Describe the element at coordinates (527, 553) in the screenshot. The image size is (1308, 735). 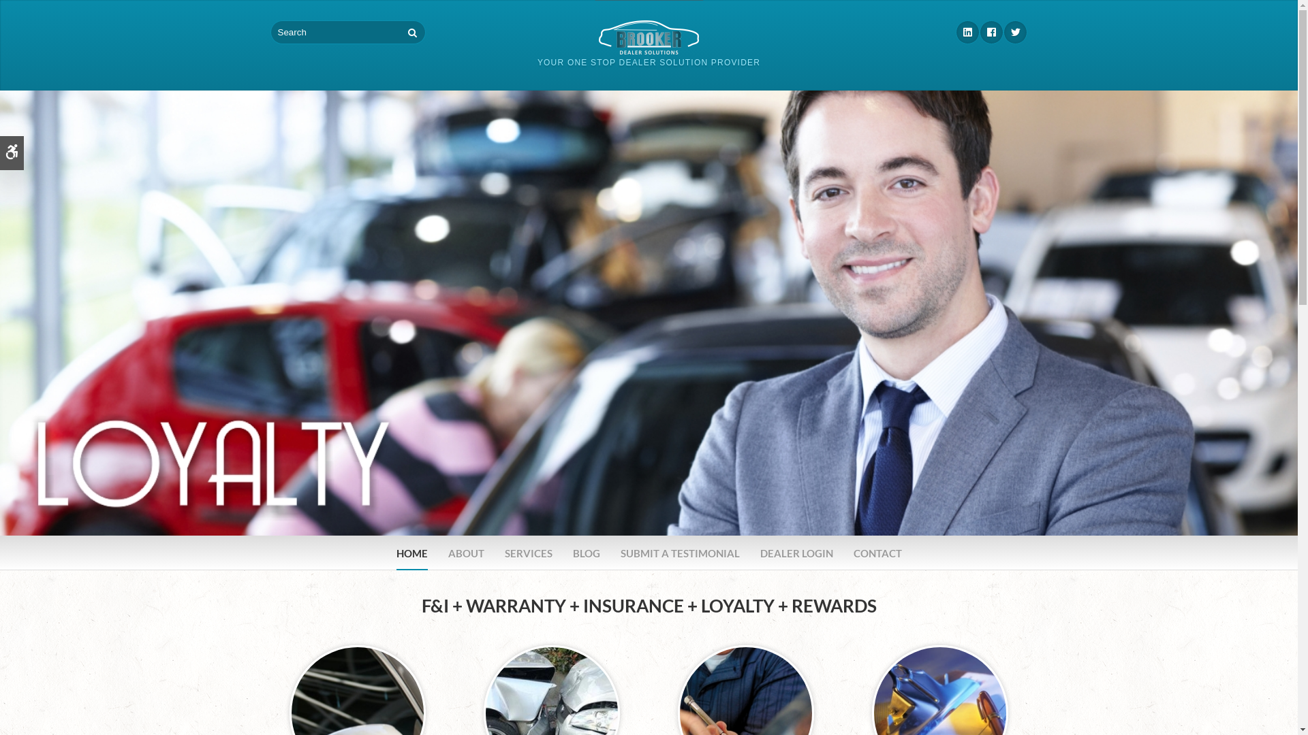
I see `'SERVICES'` at that location.